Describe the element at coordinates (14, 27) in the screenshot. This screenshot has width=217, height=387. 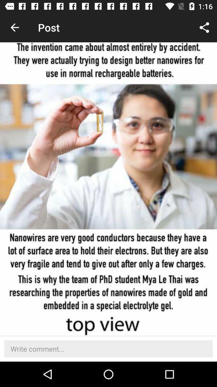
I see `item to the left of post` at that location.